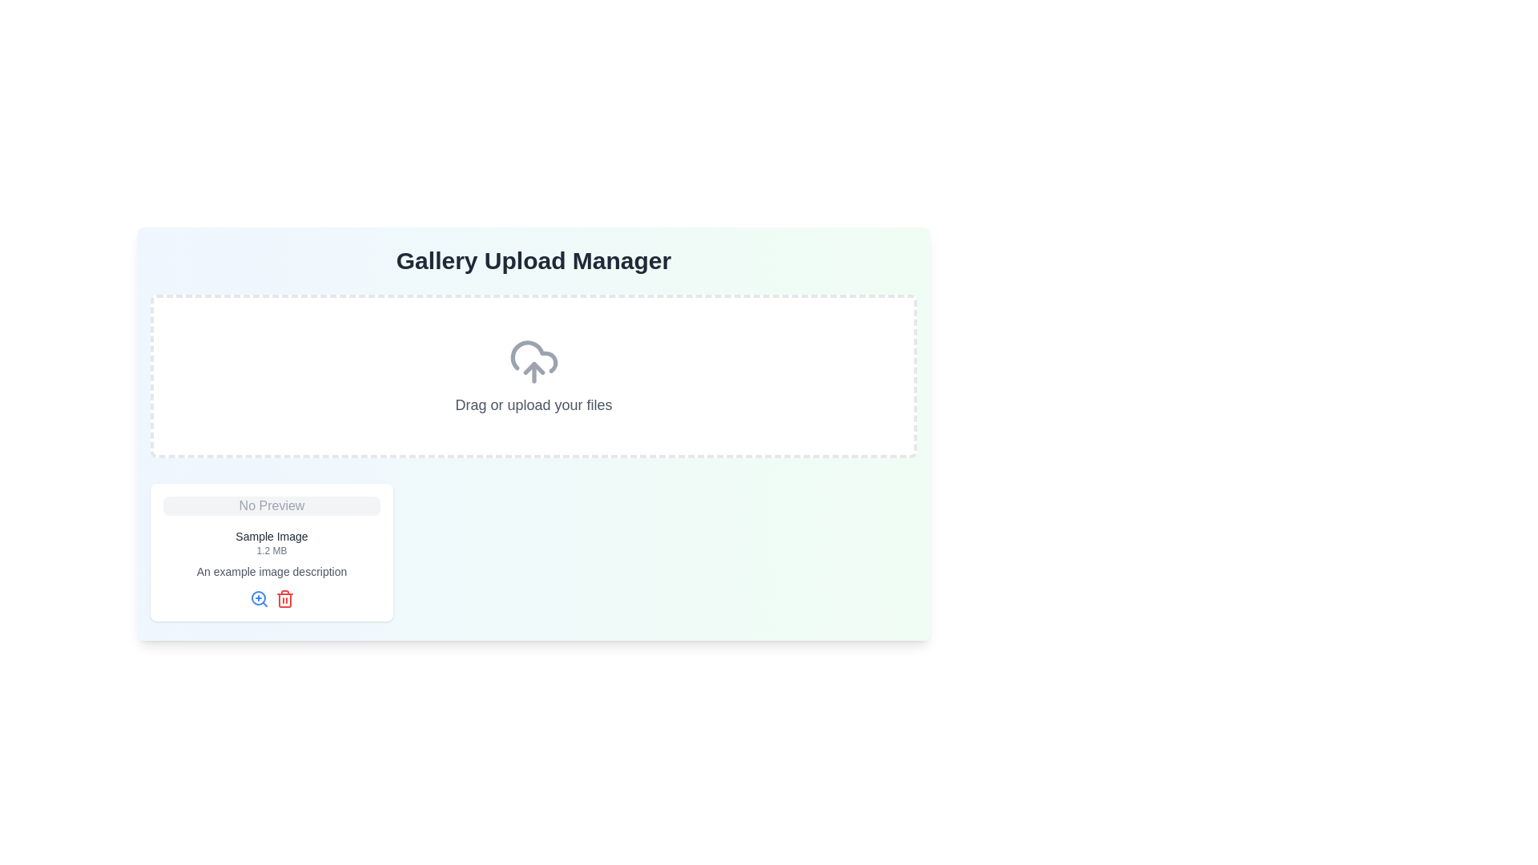 The height and width of the screenshot is (865, 1538). Describe the element at coordinates (272, 506) in the screenshot. I see `the gray rectangular image placeholder element that contains the text 'No Preview', located at the top of the card preceding the title 'Sample Image'` at that location.